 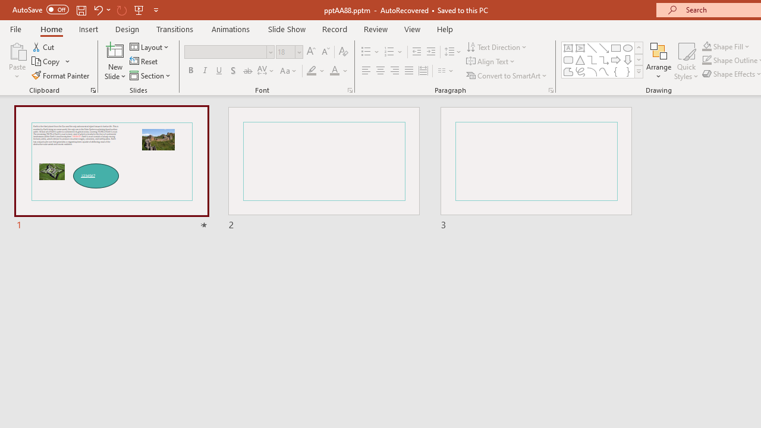 What do you see at coordinates (658, 61) in the screenshot?
I see `'Arrange'` at bounding box center [658, 61].